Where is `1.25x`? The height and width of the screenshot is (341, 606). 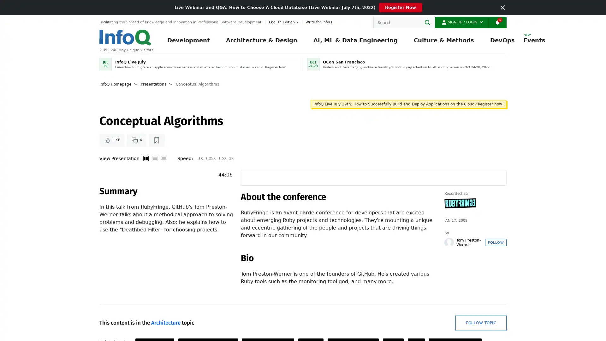
1.25x is located at coordinates (211, 181).